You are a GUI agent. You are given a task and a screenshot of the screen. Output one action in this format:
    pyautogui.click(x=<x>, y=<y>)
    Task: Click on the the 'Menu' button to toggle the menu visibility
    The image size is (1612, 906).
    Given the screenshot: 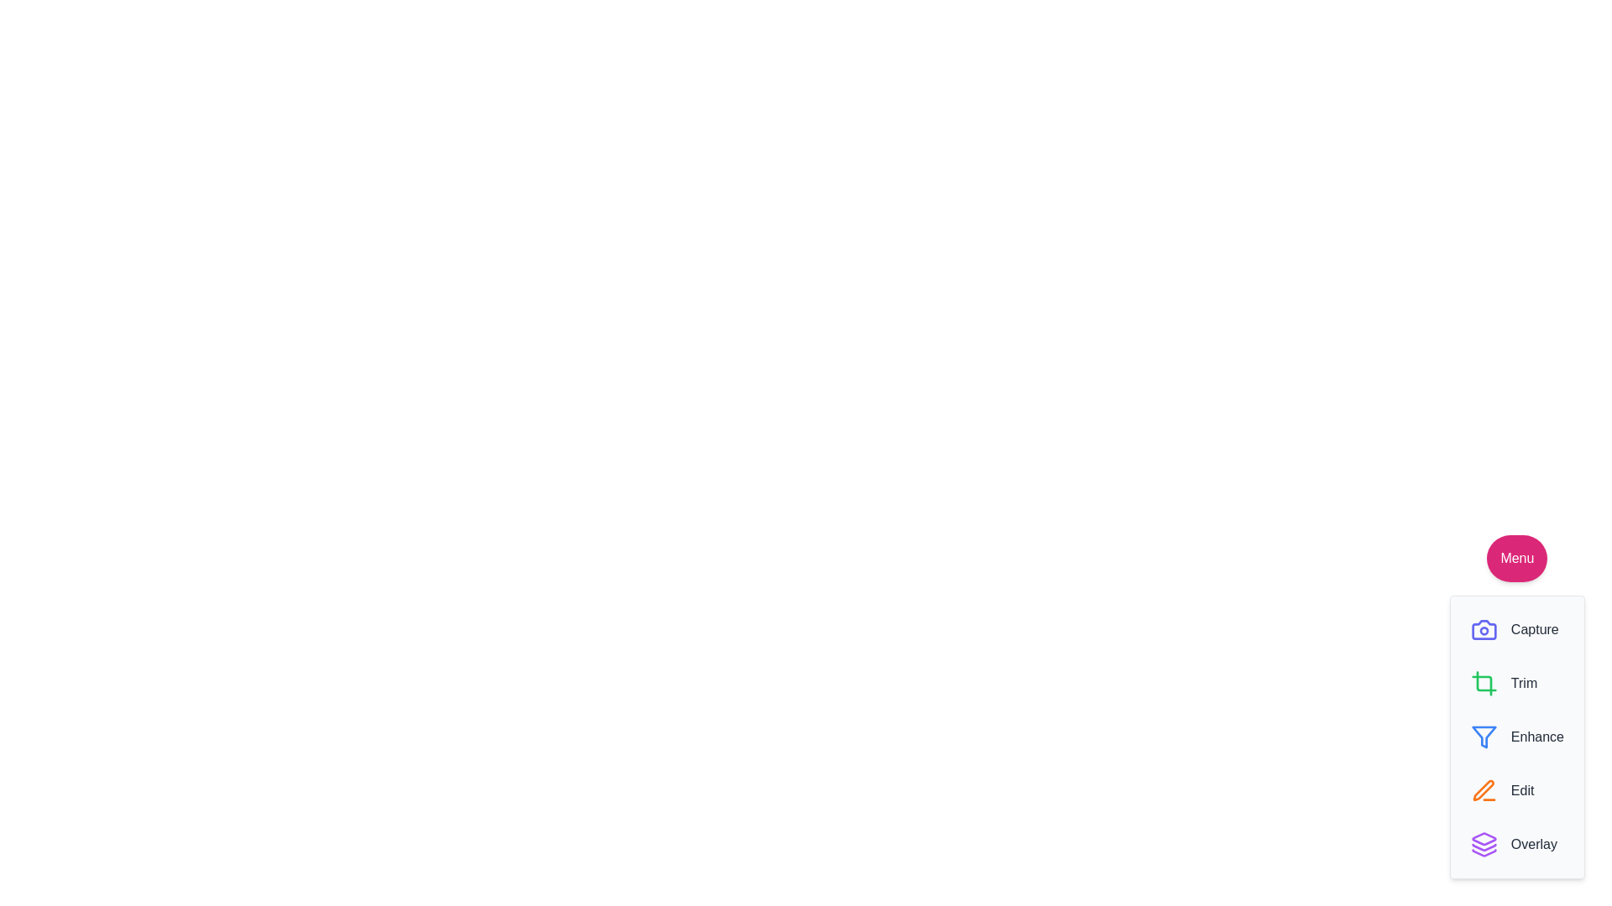 What is the action you would take?
    pyautogui.click(x=1516, y=559)
    